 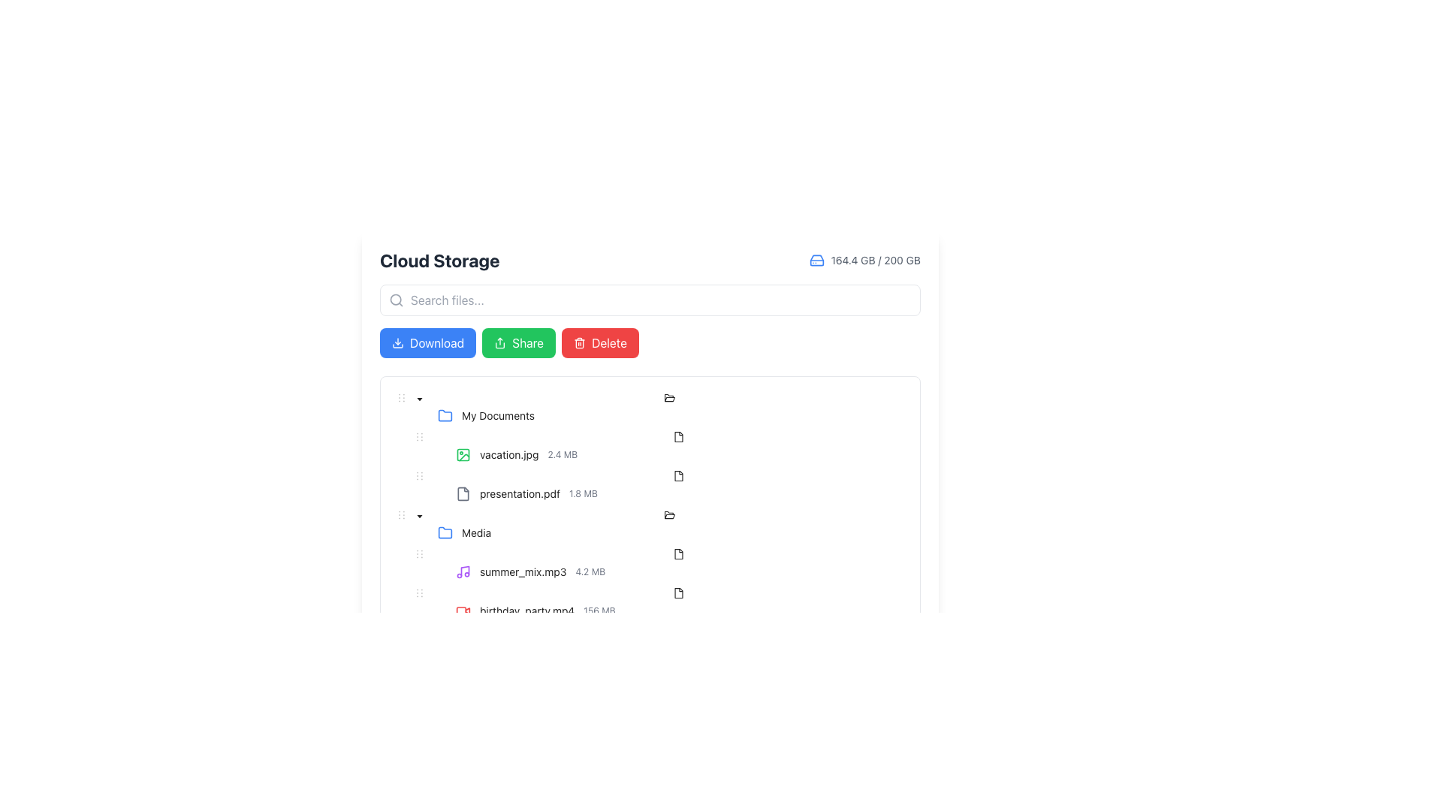 What do you see at coordinates (463, 494) in the screenshot?
I see `the document icon representing 'presentation.pdf' in the file management interface, which is the leftmost element in its row` at bounding box center [463, 494].